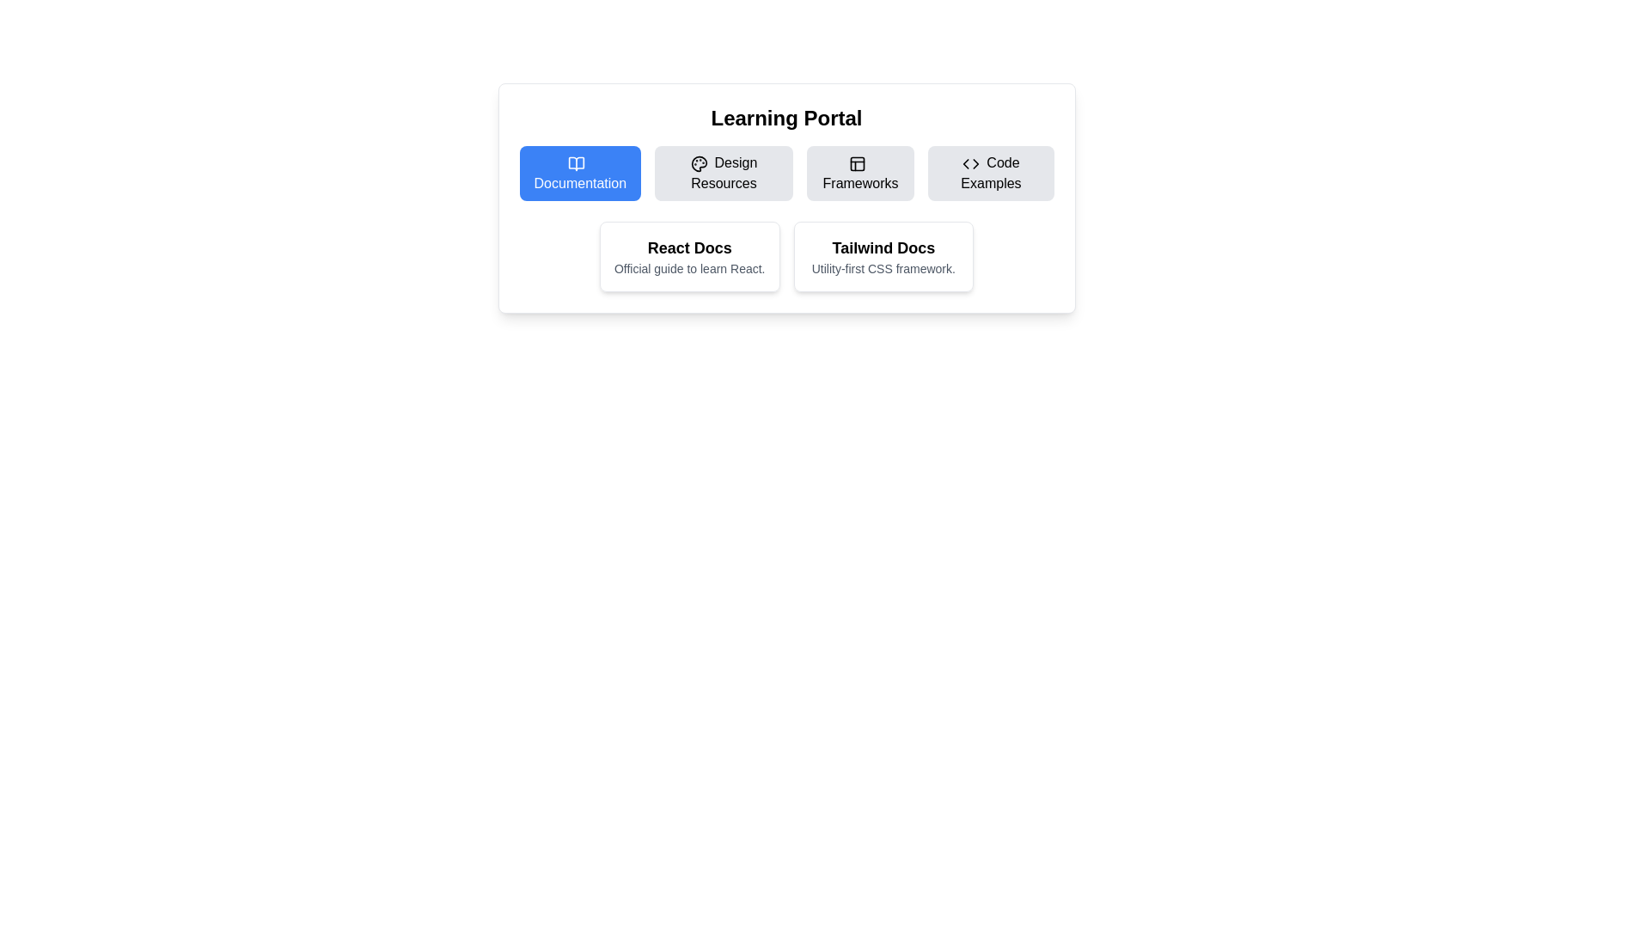 The width and height of the screenshot is (1650, 928). What do you see at coordinates (883, 257) in the screenshot?
I see `the Tailwind CSS informational card for keyboard navigation` at bounding box center [883, 257].